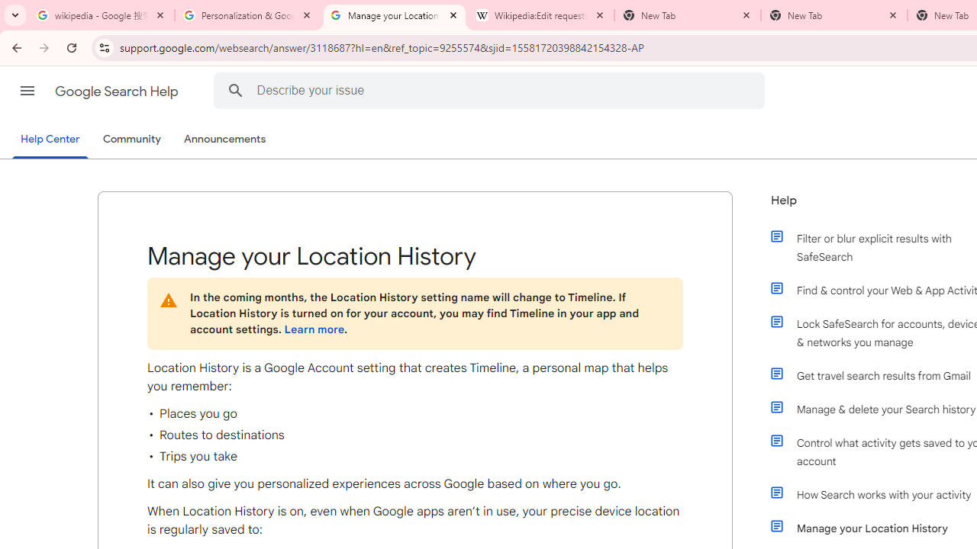 Image resolution: width=977 pixels, height=549 pixels. What do you see at coordinates (313, 329) in the screenshot?
I see `'Learn more'` at bounding box center [313, 329].